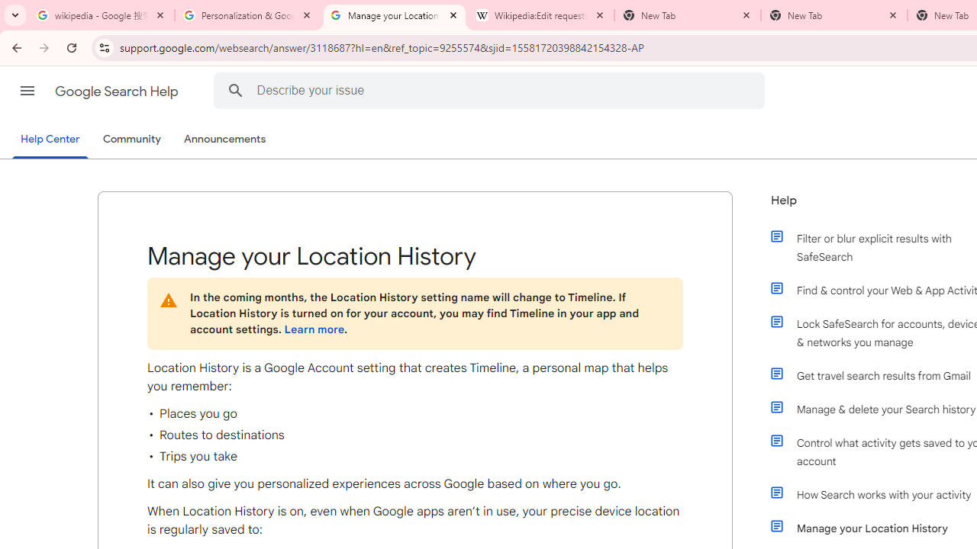 Image resolution: width=977 pixels, height=549 pixels. What do you see at coordinates (313, 329) in the screenshot?
I see `'Learn more'` at bounding box center [313, 329].